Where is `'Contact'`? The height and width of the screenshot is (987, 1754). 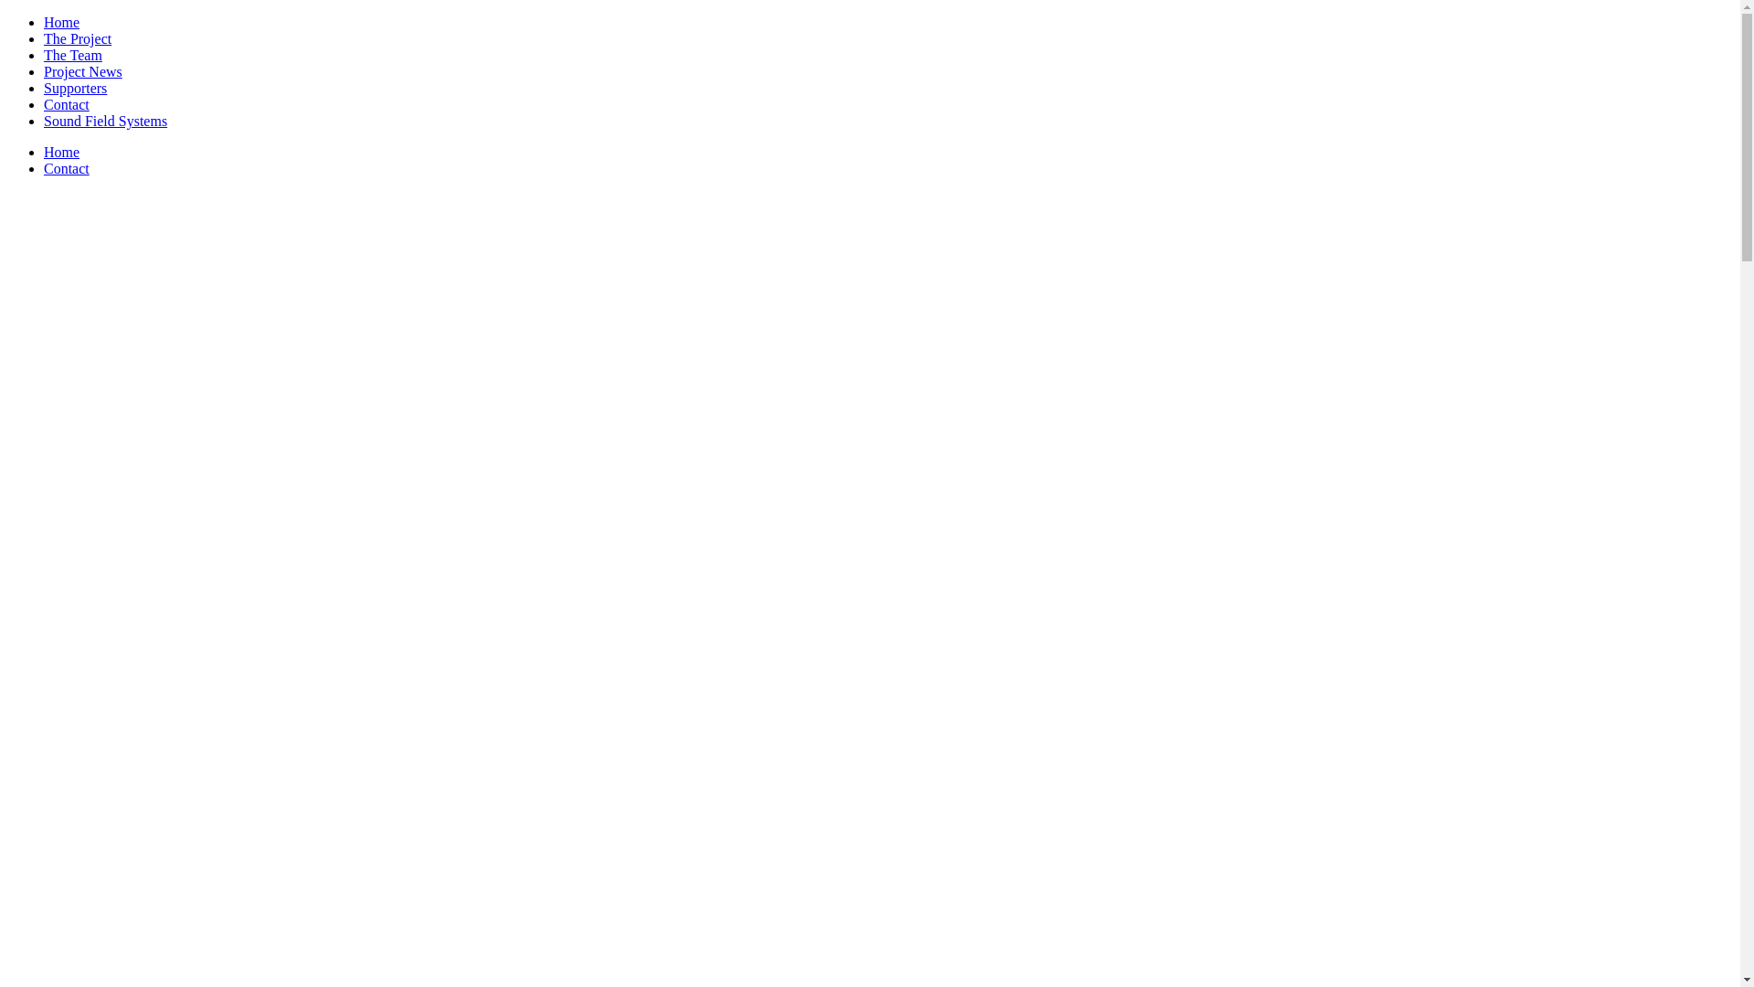
'Contact' is located at coordinates (44, 168).